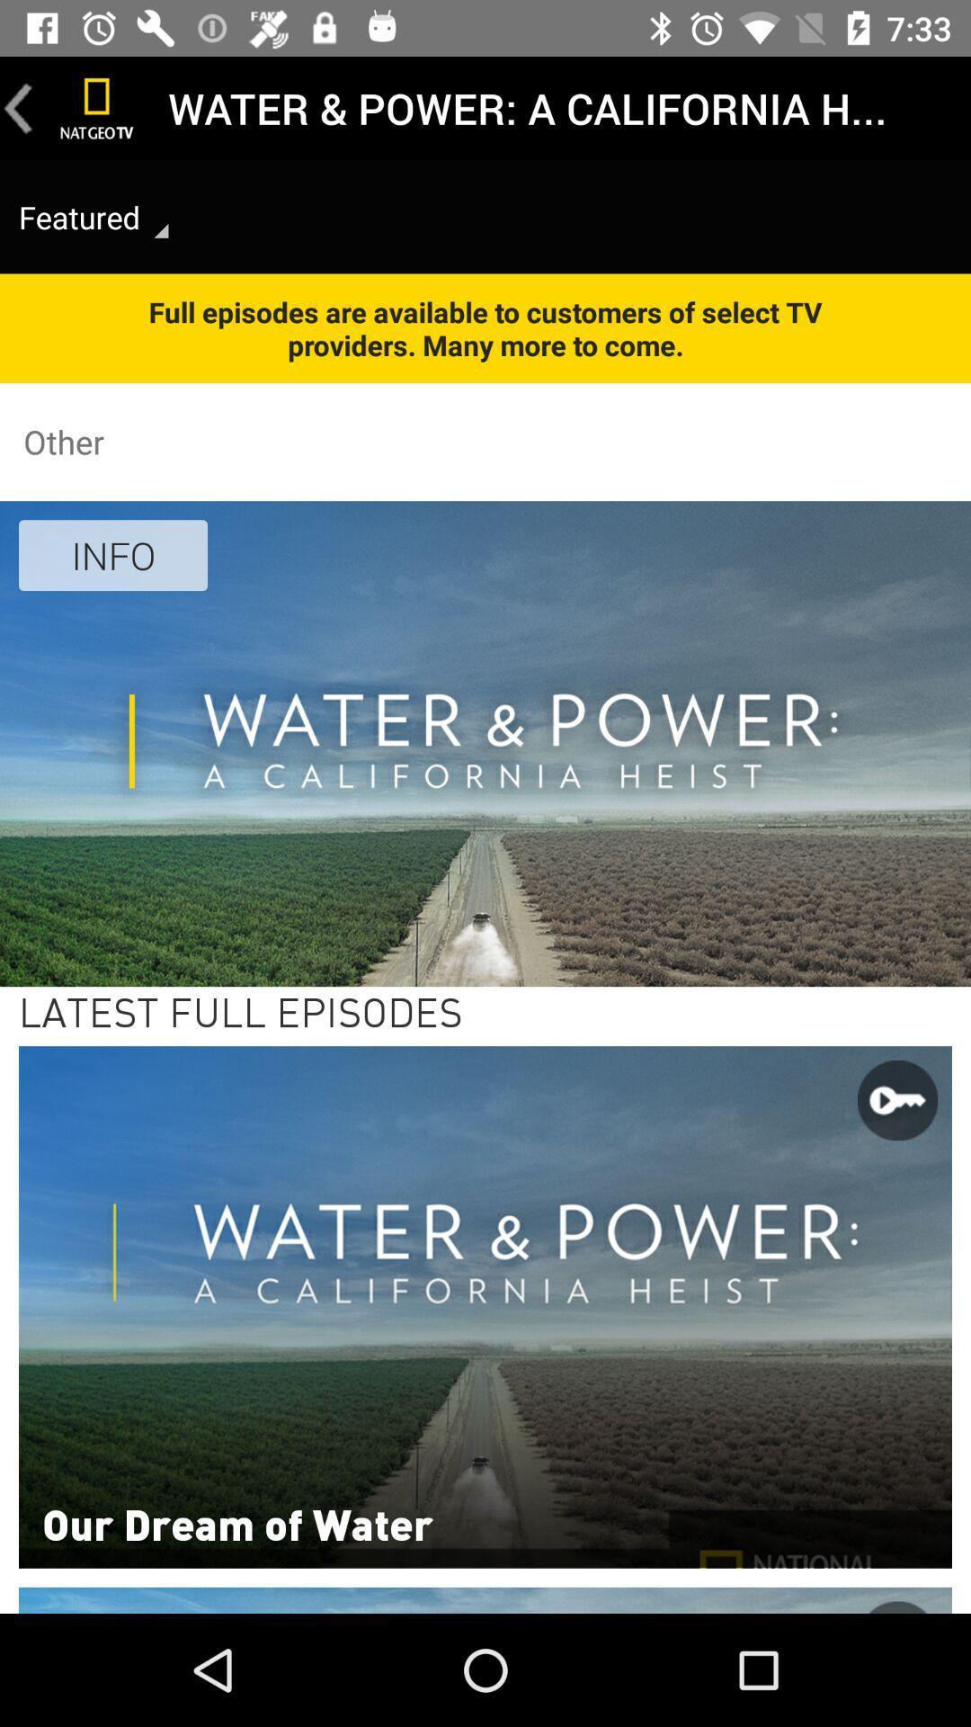 The image size is (971, 1727). Describe the element at coordinates (162, 230) in the screenshot. I see `the icon which is beside featured` at that location.